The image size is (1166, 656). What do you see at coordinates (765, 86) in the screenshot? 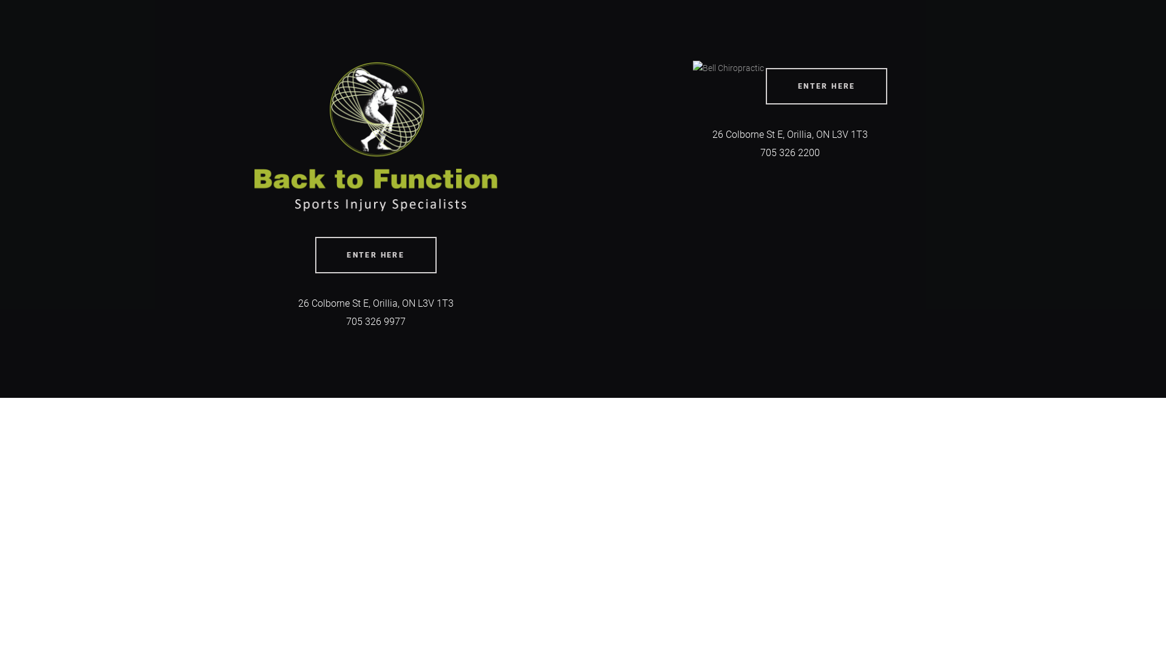
I see `'ENTER HERE'` at bounding box center [765, 86].